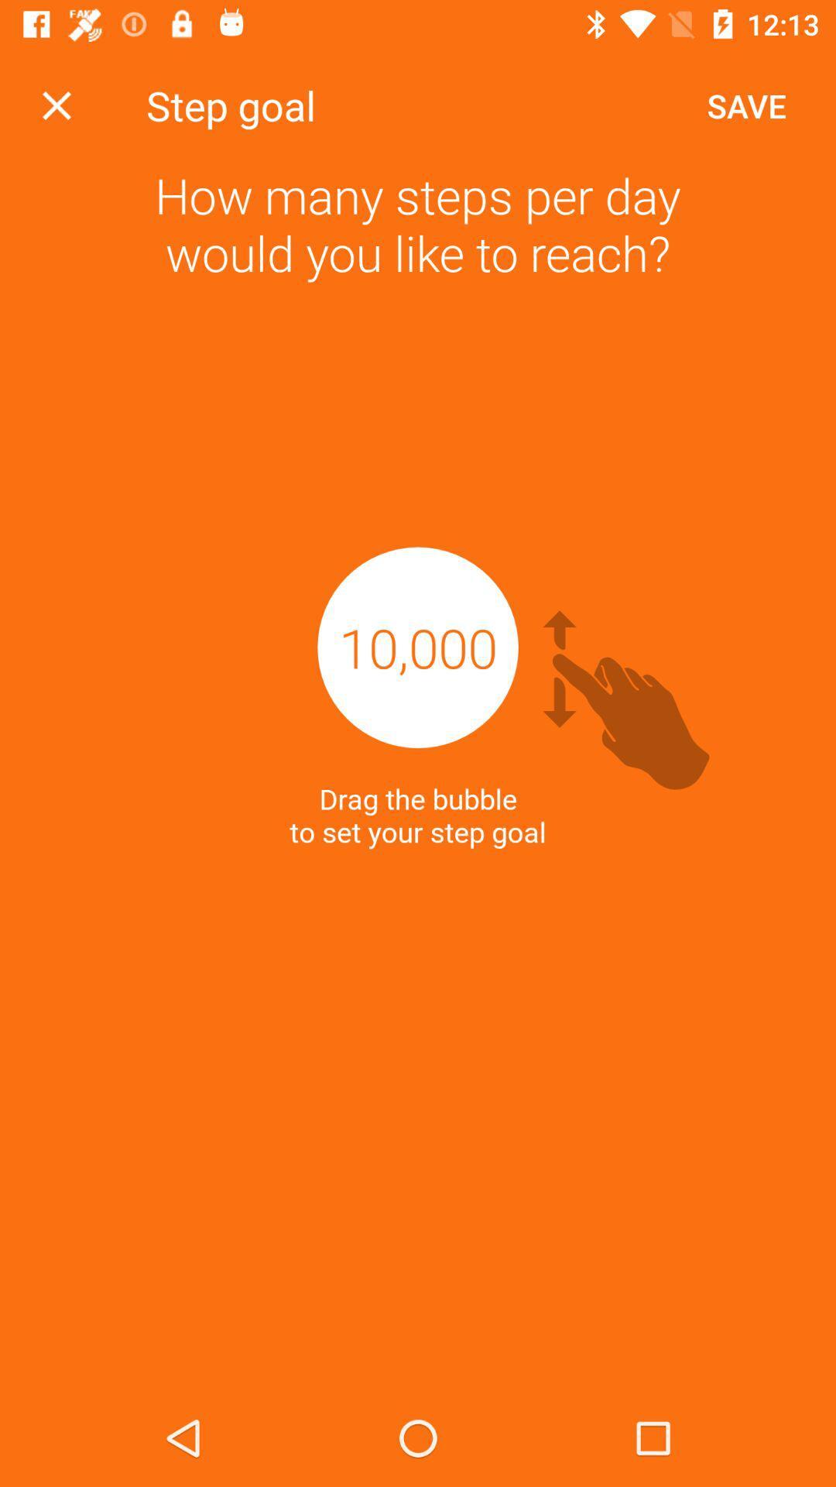 The width and height of the screenshot is (836, 1487). What do you see at coordinates (745, 105) in the screenshot?
I see `the item at the top right corner` at bounding box center [745, 105].